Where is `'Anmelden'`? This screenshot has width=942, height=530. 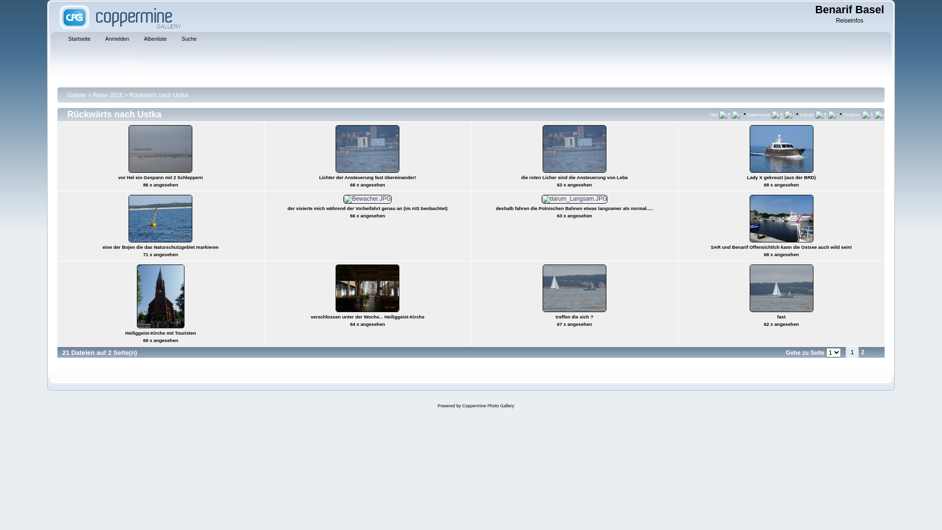
'Anmelden' is located at coordinates (97, 39).